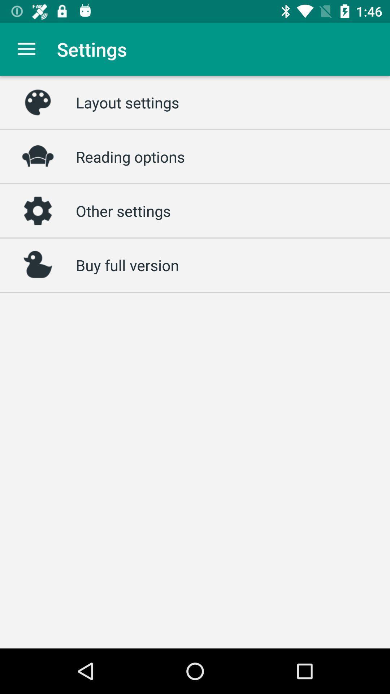 This screenshot has height=694, width=390. What do you see at coordinates (123, 210) in the screenshot?
I see `other settings item` at bounding box center [123, 210].